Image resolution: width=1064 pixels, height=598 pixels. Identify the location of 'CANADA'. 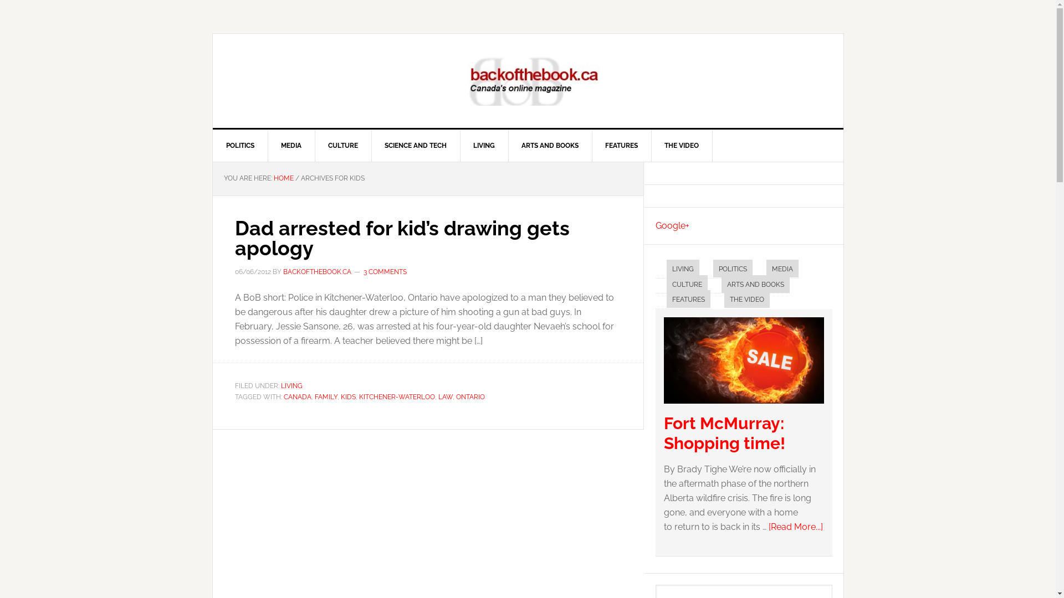
(298, 396).